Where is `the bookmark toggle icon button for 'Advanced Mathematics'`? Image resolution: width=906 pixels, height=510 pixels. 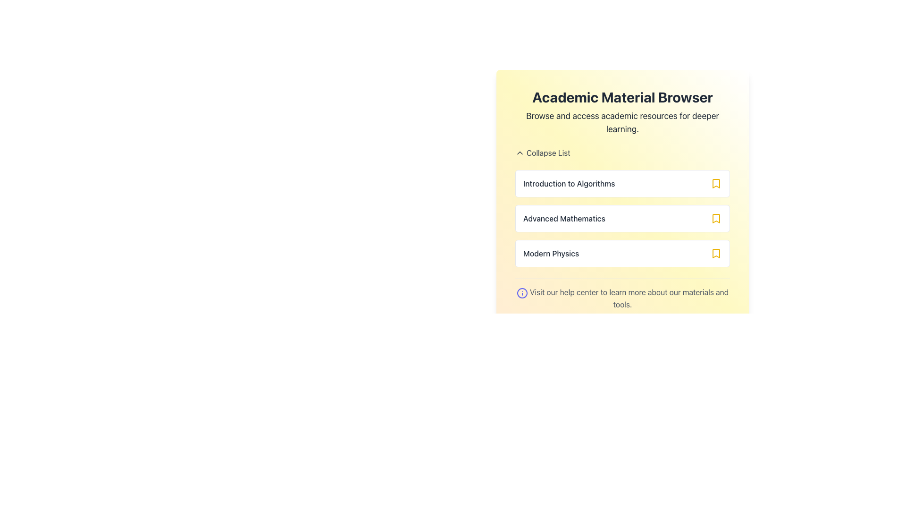
the bookmark toggle icon button for 'Advanced Mathematics' is located at coordinates (716, 218).